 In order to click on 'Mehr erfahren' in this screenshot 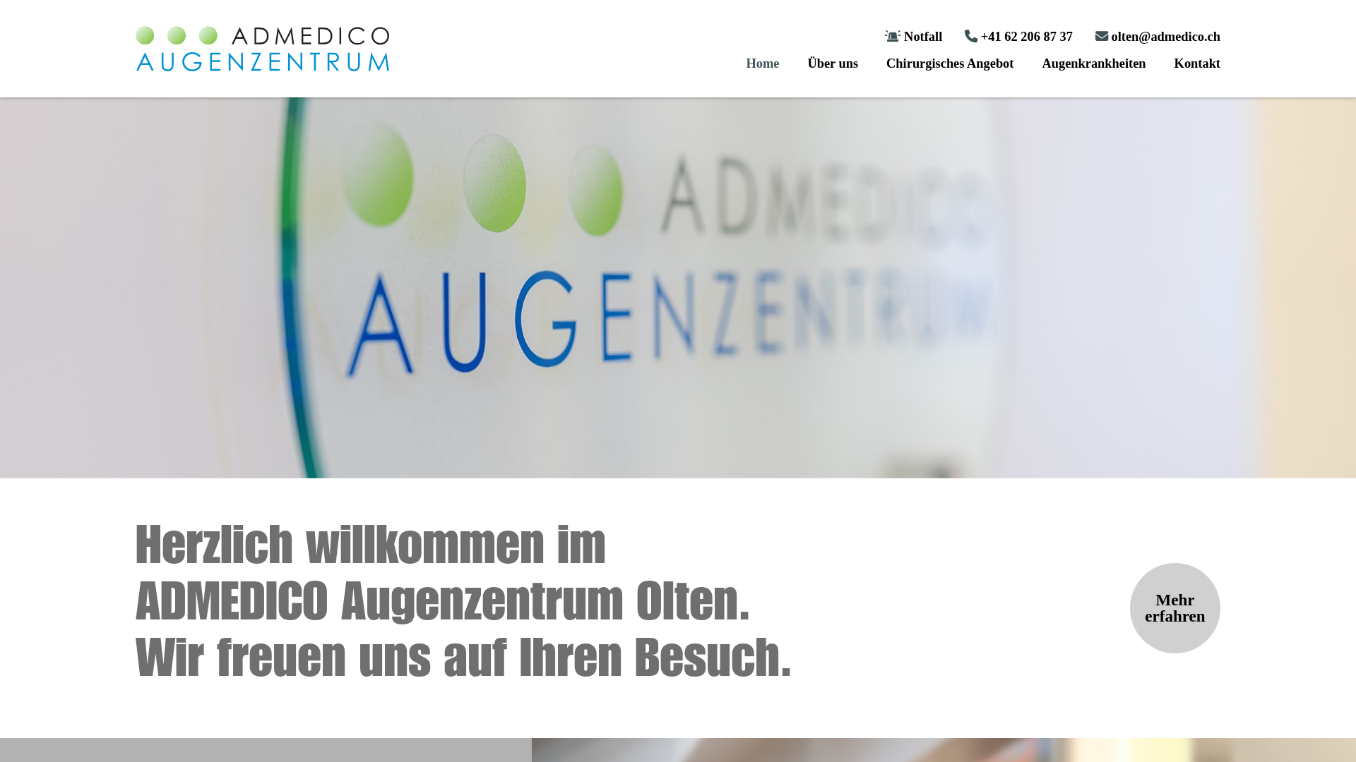, I will do `click(1175, 607)`.